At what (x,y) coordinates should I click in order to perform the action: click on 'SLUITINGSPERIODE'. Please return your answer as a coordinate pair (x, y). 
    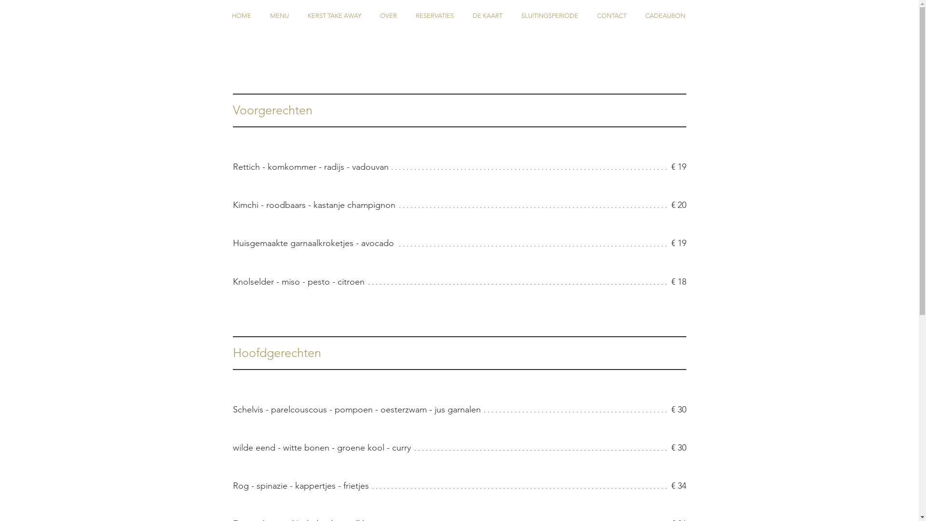
    Looking at the image, I should click on (550, 15).